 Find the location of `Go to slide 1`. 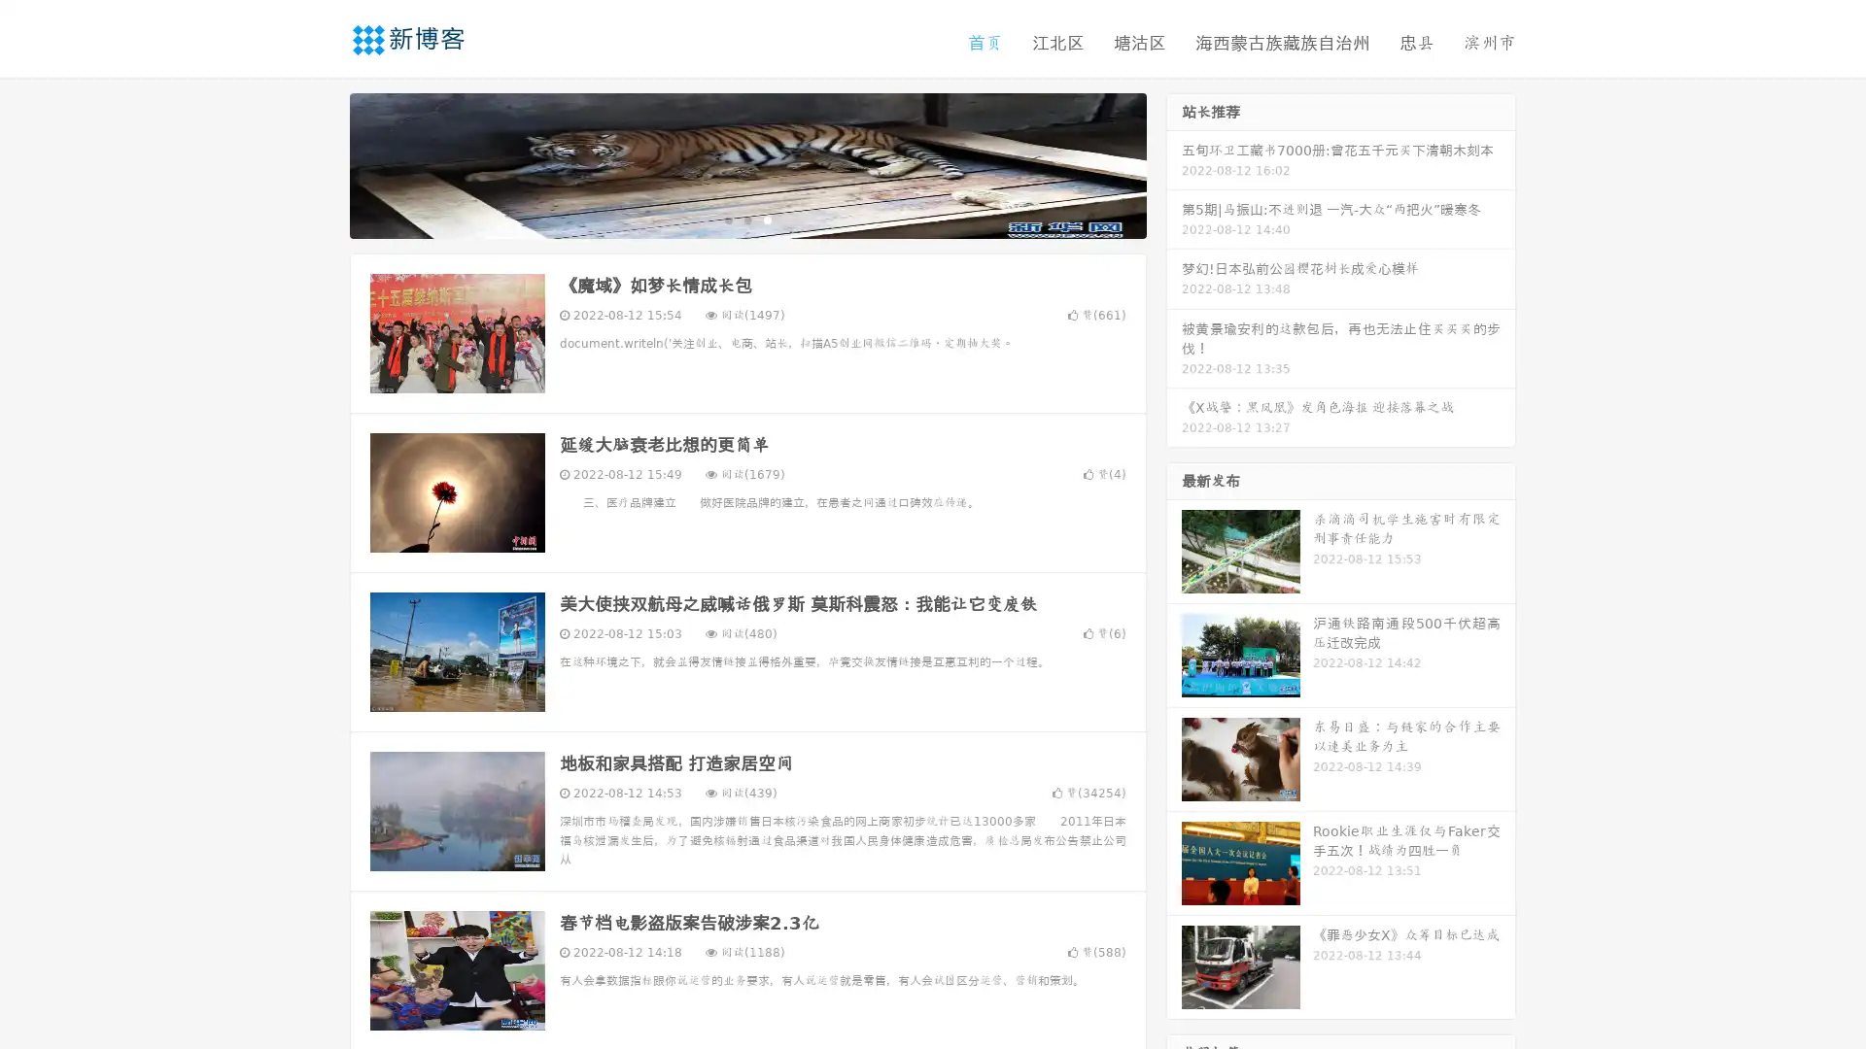

Go to slide 1 is located at coordinates (727, 219).